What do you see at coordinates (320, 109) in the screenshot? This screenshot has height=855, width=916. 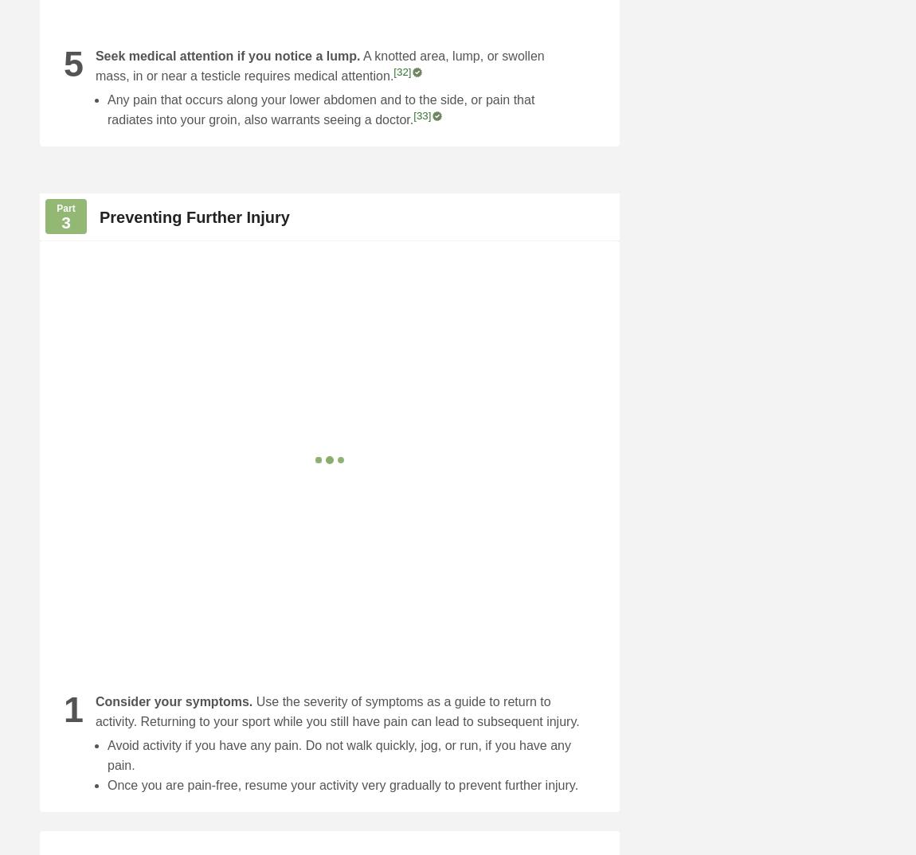 I see `'Any pain that occurs along your lower abdomen and to the side, or pain that radiates into your groin, also warrants seeing a doctor.'` at bounding box center [320, 109].